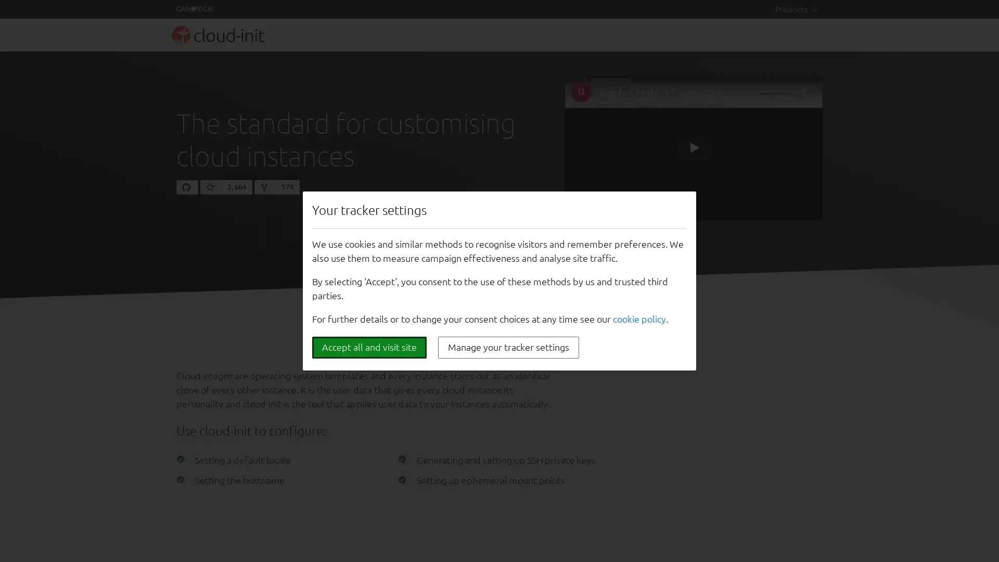  Describe the element at coordinates (369, 347) in the screenshot. I see `Accept all and visit site` at that location.